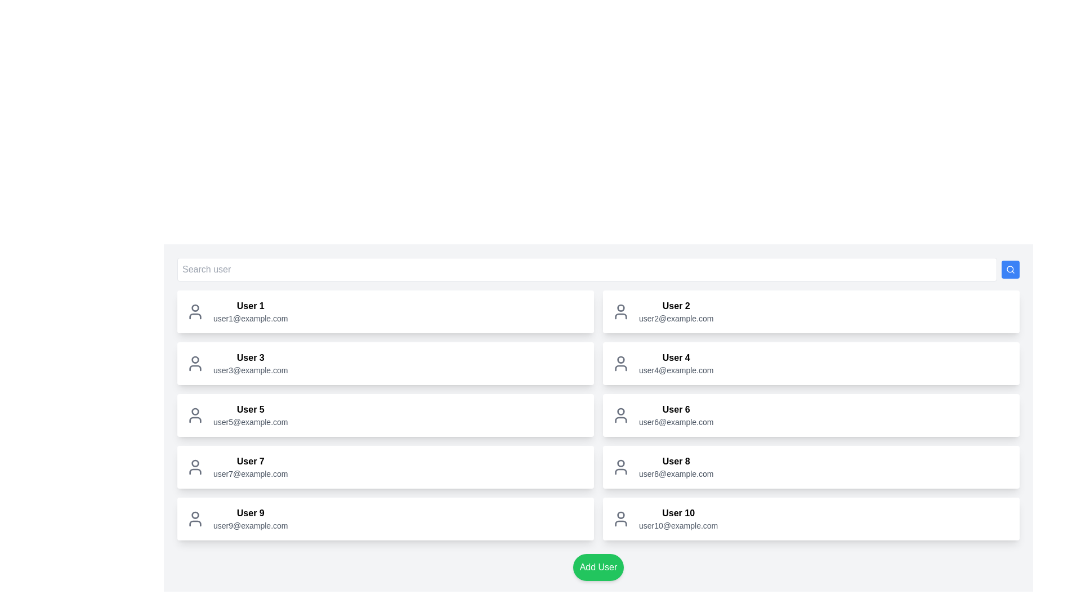 The height and width of the screenshot is (608, 1081). Describe the element at coordinates (676, 462) in the screenshot. I see `the text label displaying 'User 8' which is bold and positioned in the fourth row of the user card grid, located in the right column` at that location.